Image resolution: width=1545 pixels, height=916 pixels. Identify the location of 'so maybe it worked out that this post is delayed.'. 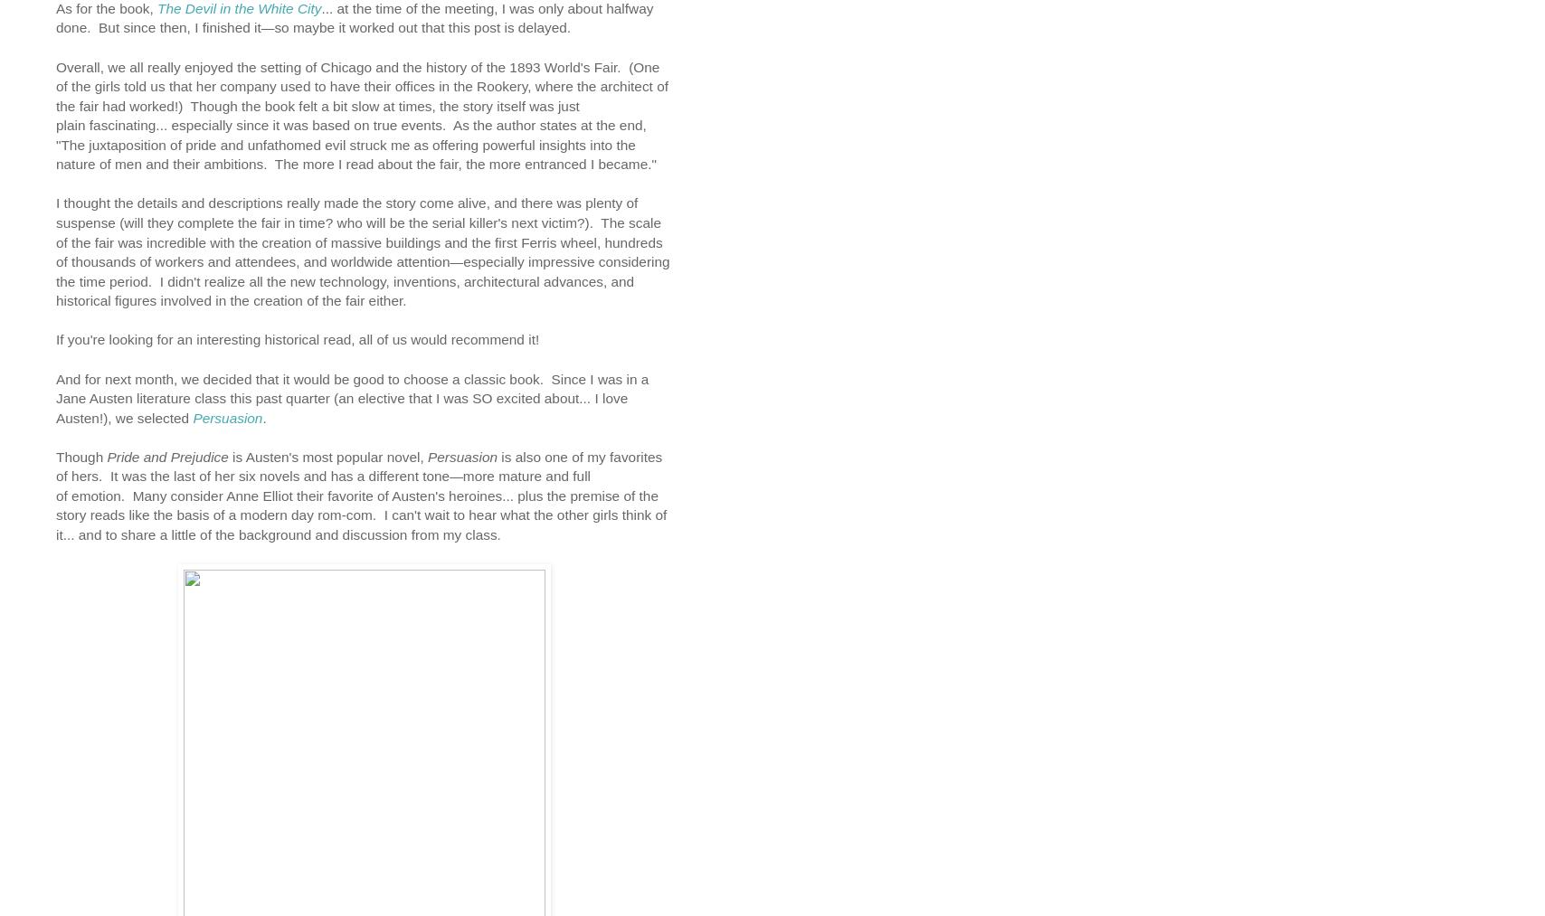
(422, 26).